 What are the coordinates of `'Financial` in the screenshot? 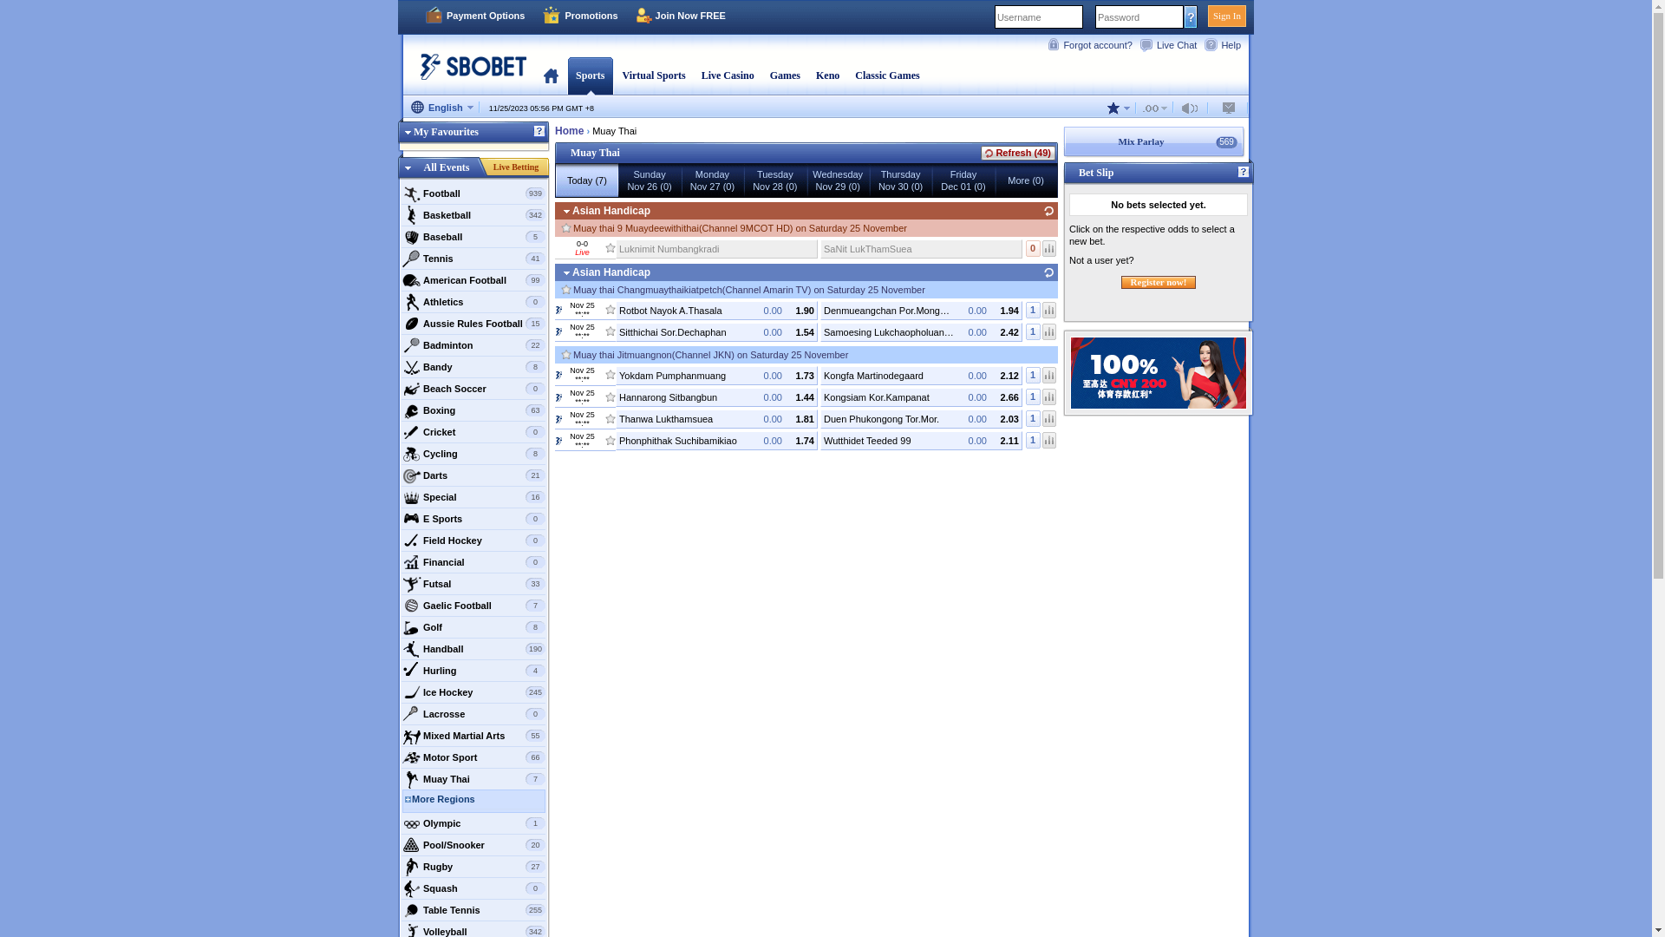 It's located at (473, 562).